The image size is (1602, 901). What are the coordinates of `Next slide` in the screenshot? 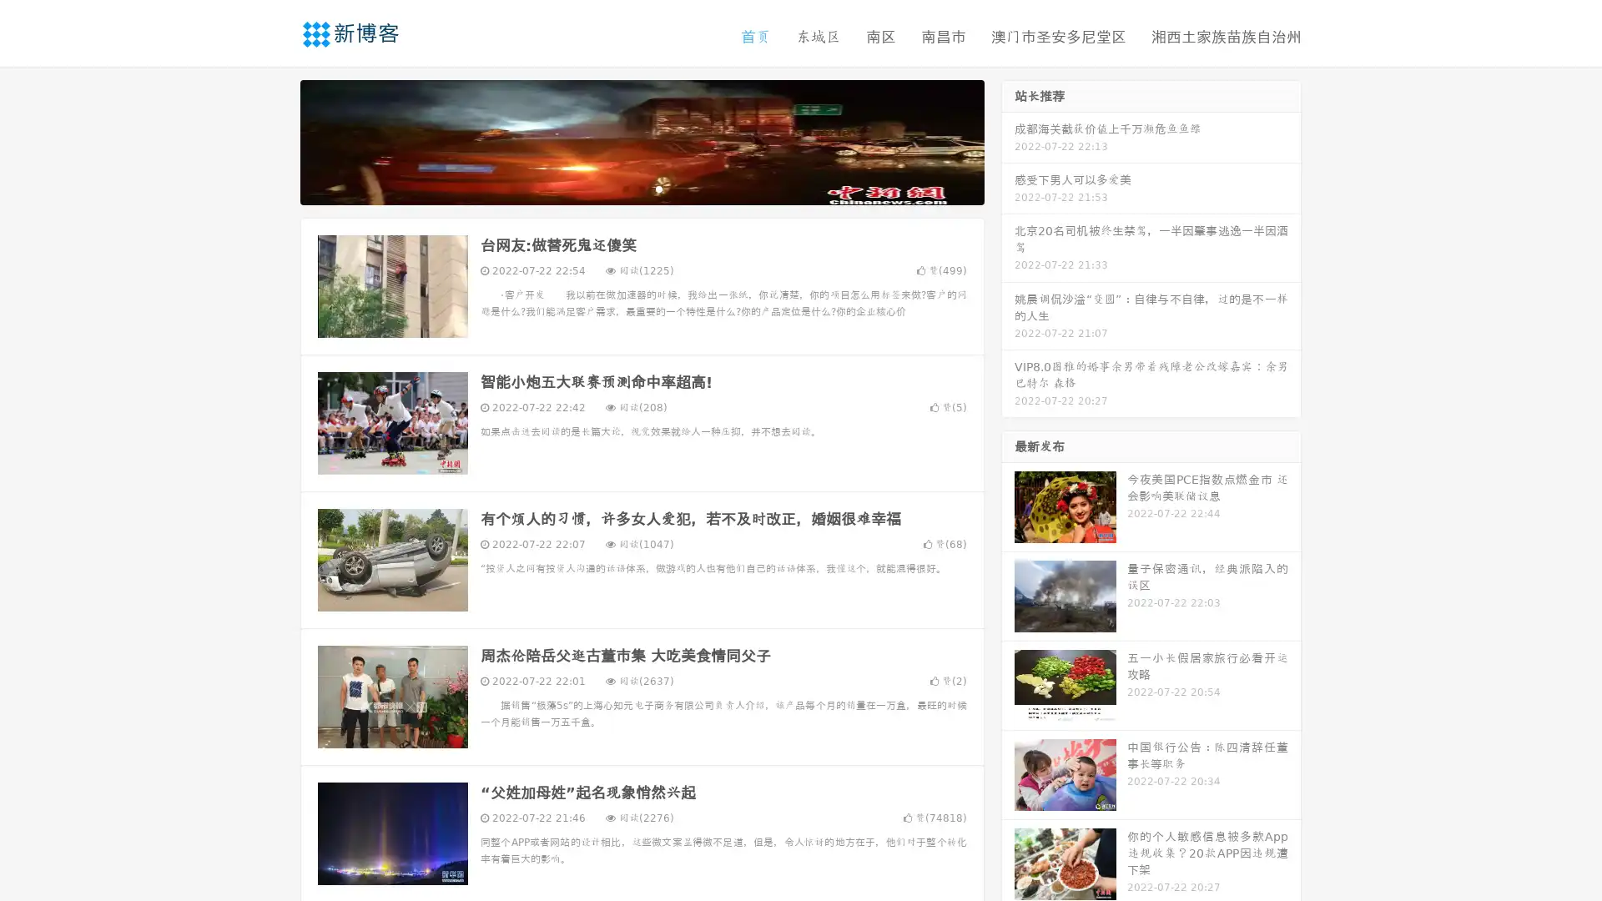 It's located at (1008, 140).